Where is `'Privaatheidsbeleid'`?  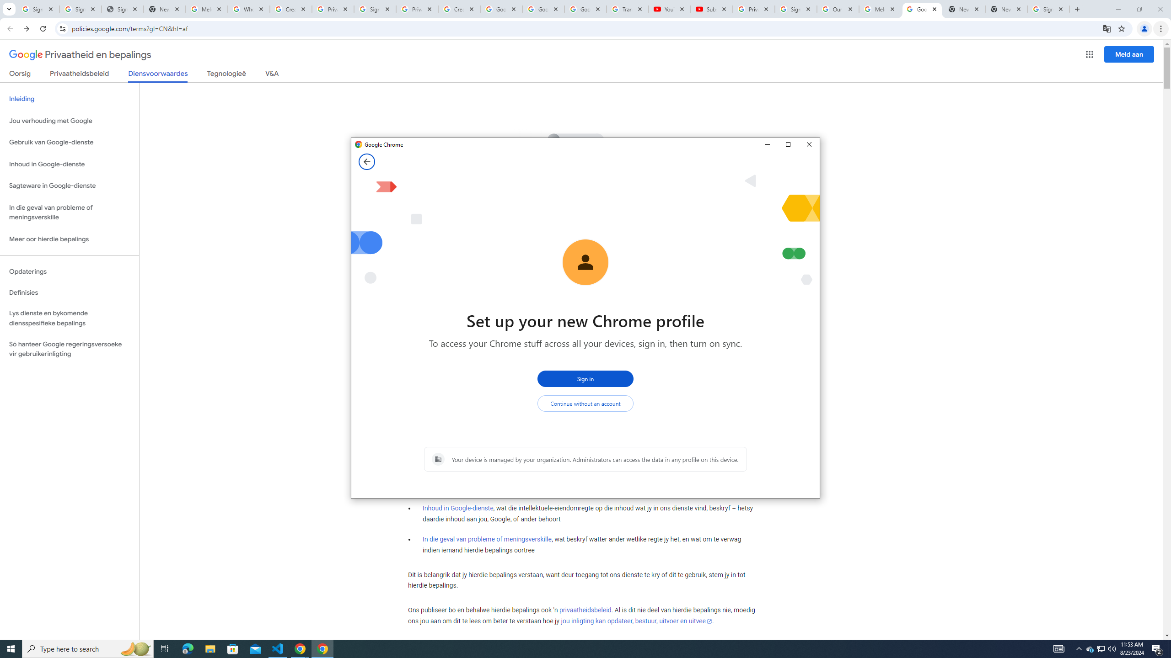 'Privaatheidsbeleid' is located at coordinates (80, 75).